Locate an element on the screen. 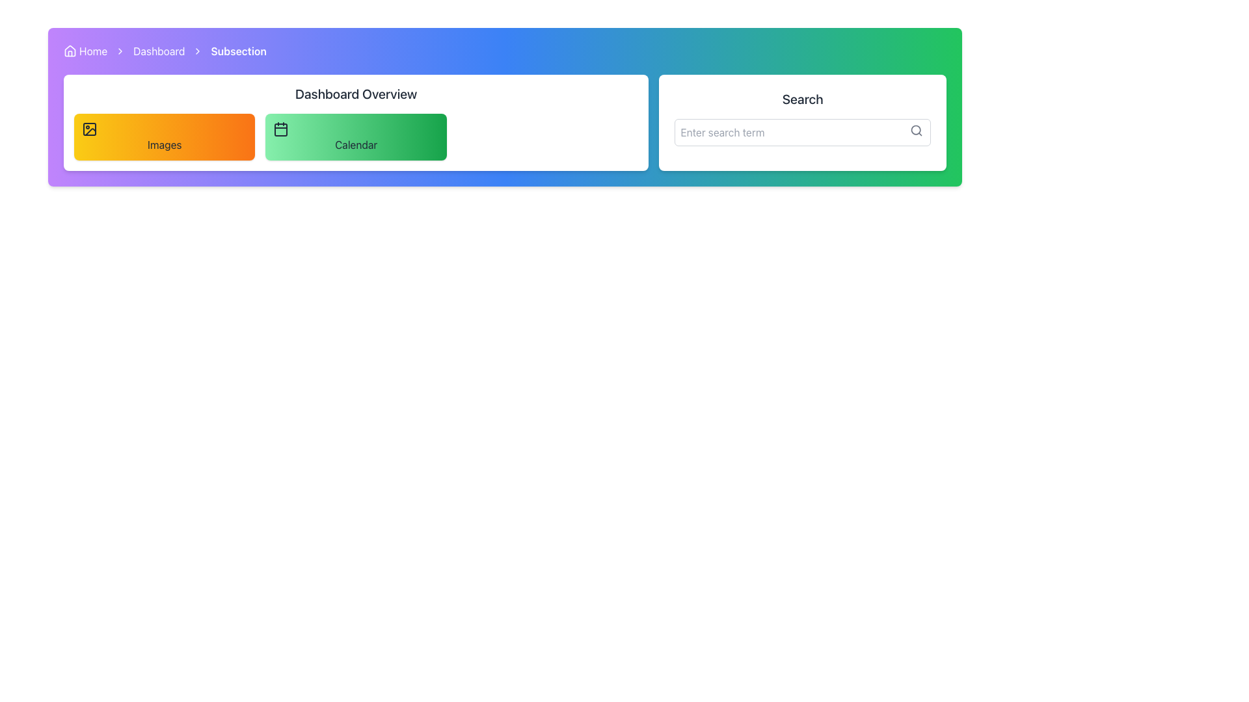 The height and width of the screenshot is (702, 1249). the 'Home' icon in the breadcrumb navigation is located at coordinates (70, 50).